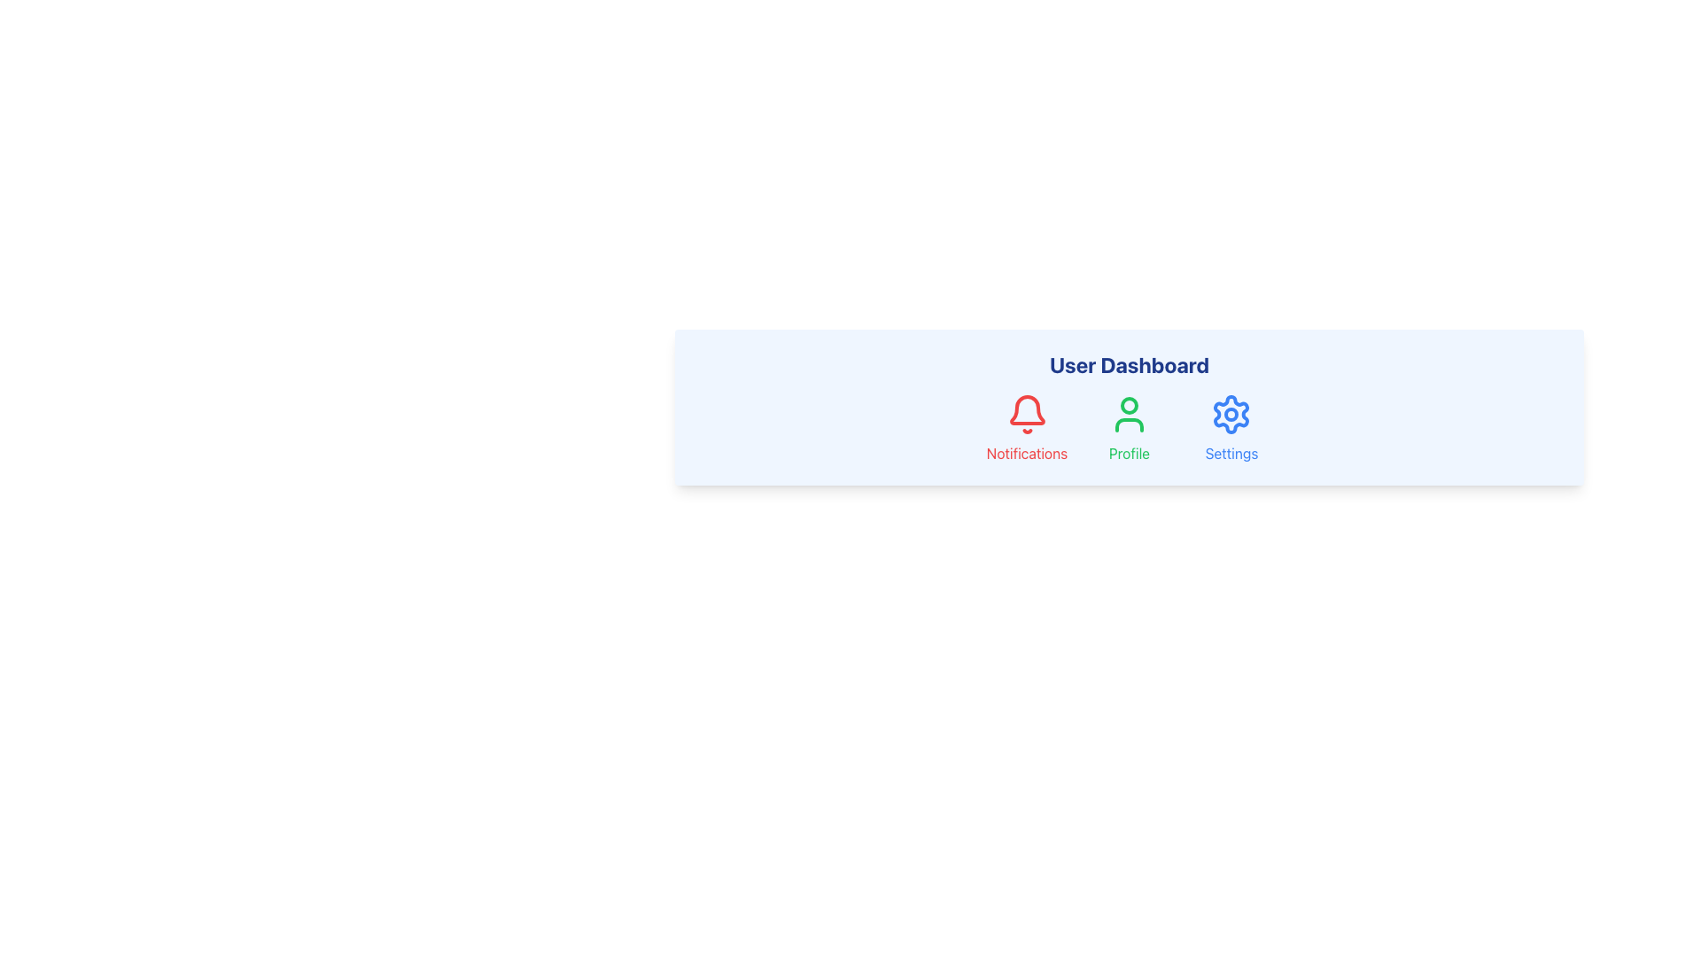 This screenshot has width=1701, height=957. What do you see at coordinates (1231, 414) in the screenshot?
I see `the gear-like icon representing the settings functionality` at bounding box center [1231, 414].